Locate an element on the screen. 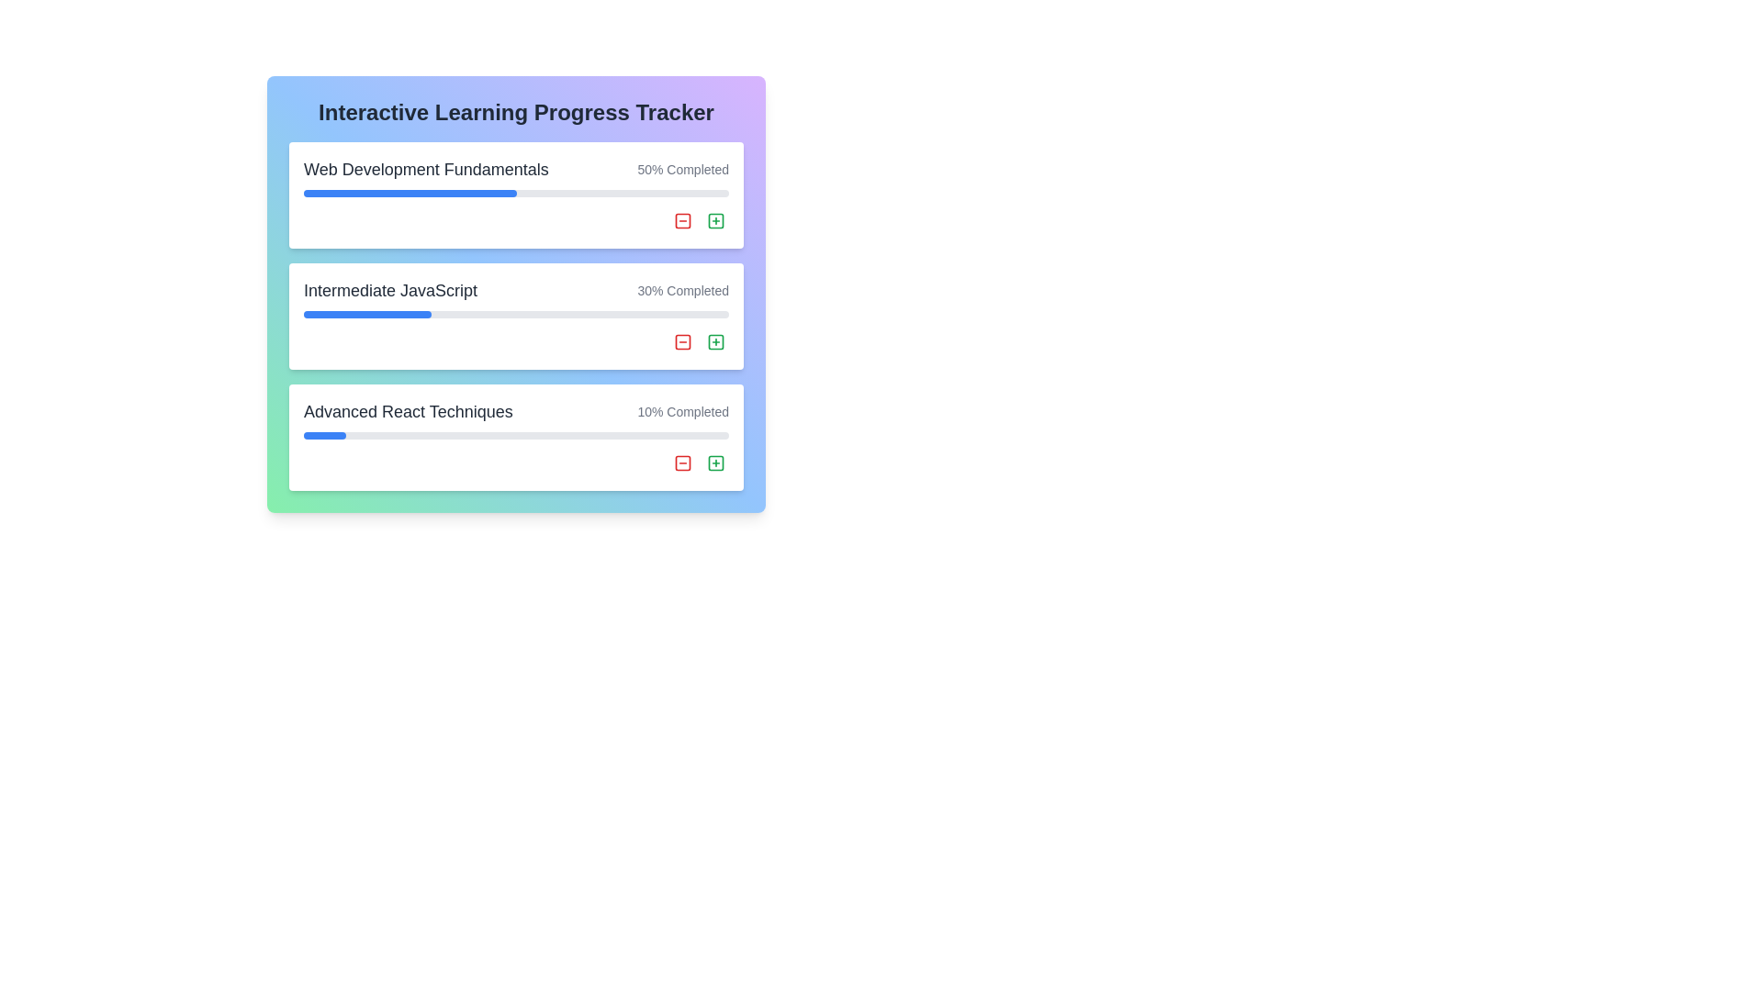 This screenshot has height=991, width=1763. the green square icon with a plus symbol, located to the right of the progress bar for the 'Intermediate JavaScript' module, to possibly display a tooltip is located at coordinates (714, 342).